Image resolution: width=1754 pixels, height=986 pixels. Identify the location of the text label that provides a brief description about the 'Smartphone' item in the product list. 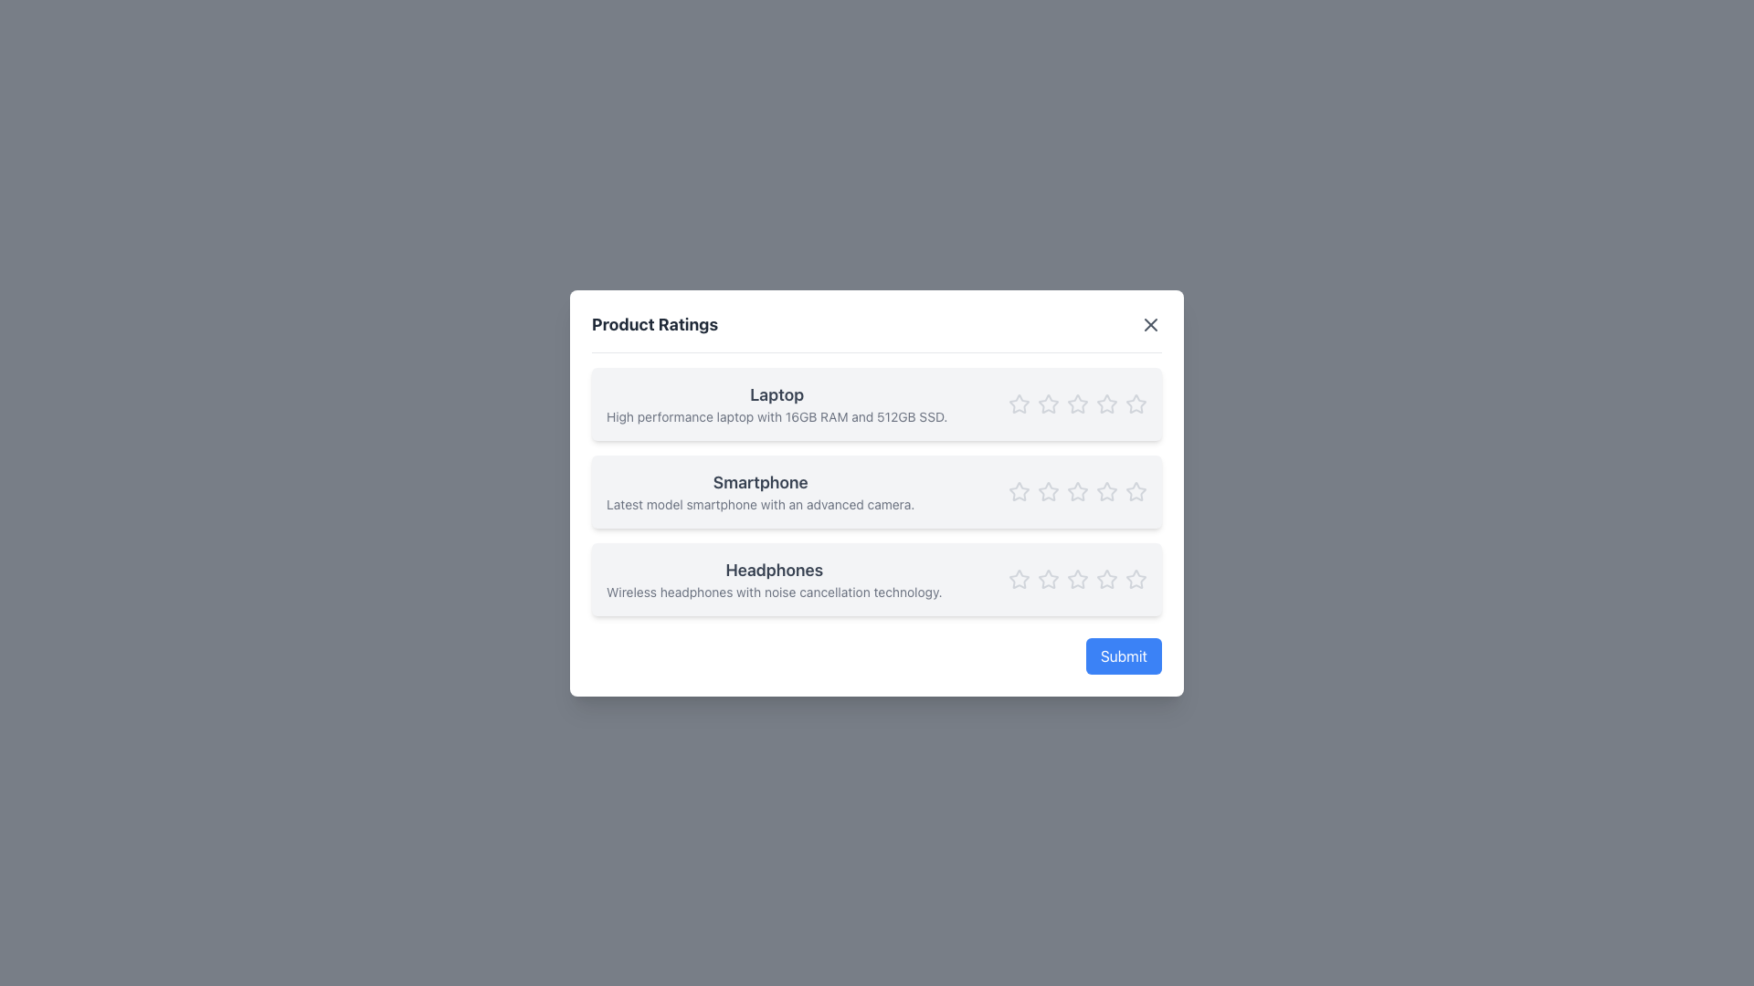
(760, 504).